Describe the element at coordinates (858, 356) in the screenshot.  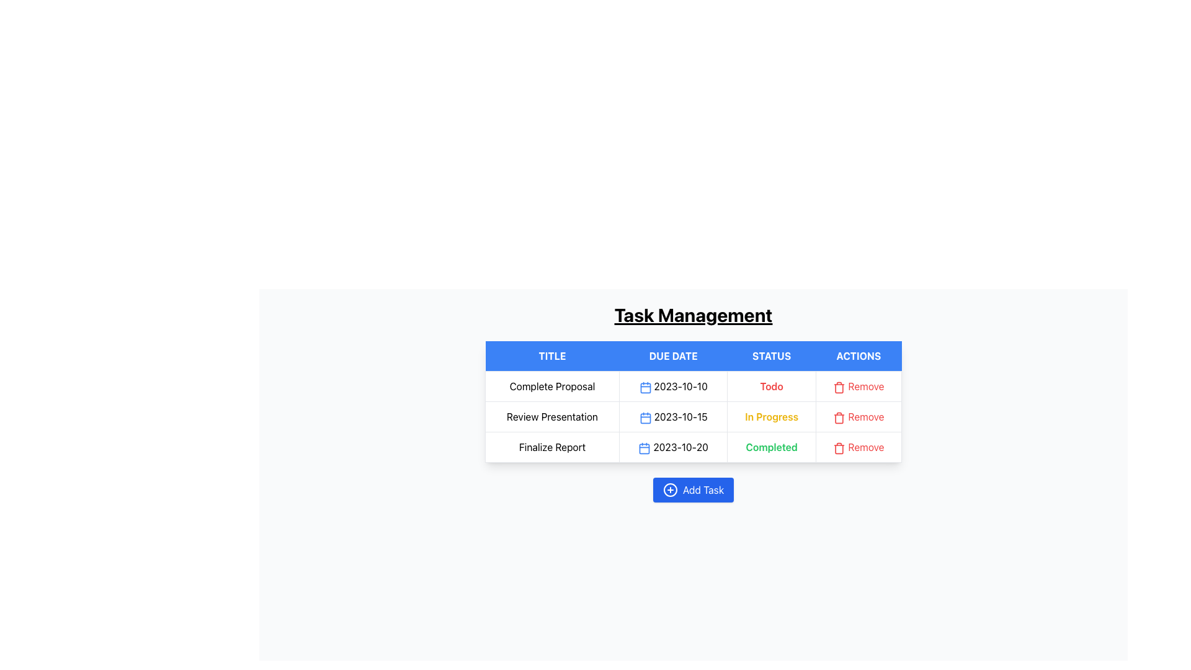
I see `the 'Actions' column header, which is the fourth header in a table row that includes 'Title', 'Due Date', 'Status', and 'Actions'` at that location.